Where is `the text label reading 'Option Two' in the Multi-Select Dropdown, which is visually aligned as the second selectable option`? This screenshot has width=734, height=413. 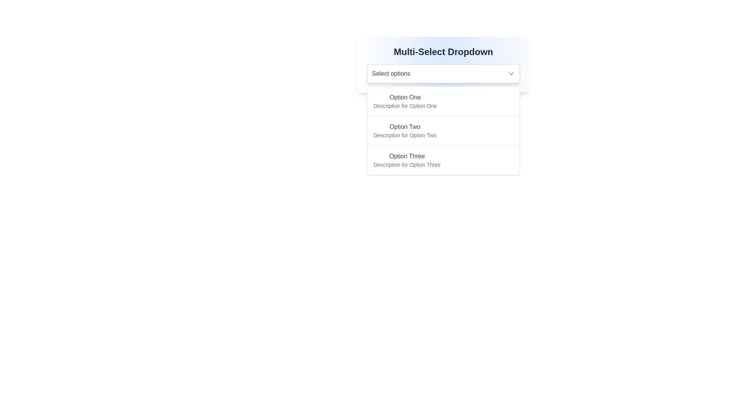
the text label reading 'Option Two' in the Multi-Select Dropdown, which is visually aligned as the second selectable option is located at coordinates (404, 126).